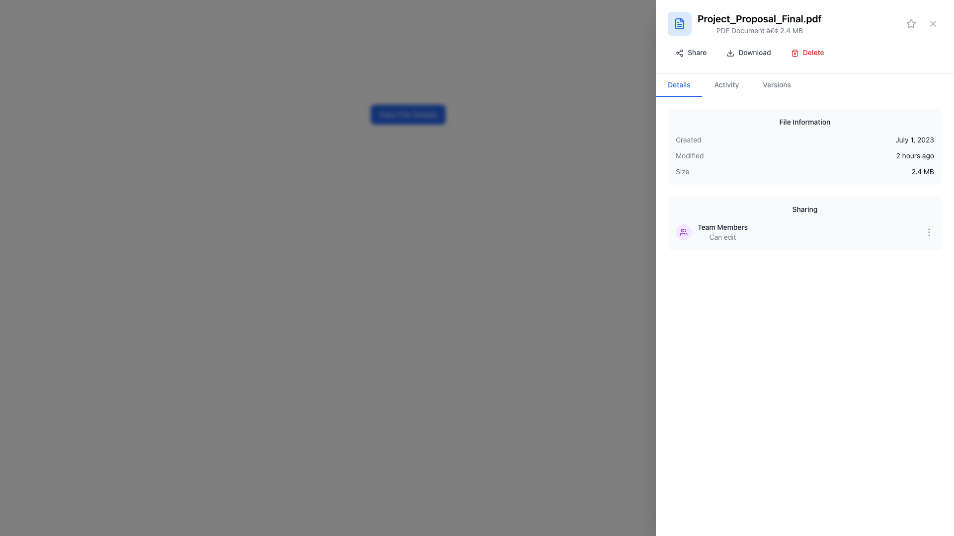 The height and width of the screenshot is (536, 954). I want to click on the 'Delete' button, which is the third button in a row of three buttons labeled 'Share,' 'Download,' and 'Delete,' located near the top-right corner of the interface, so click(807, 52).